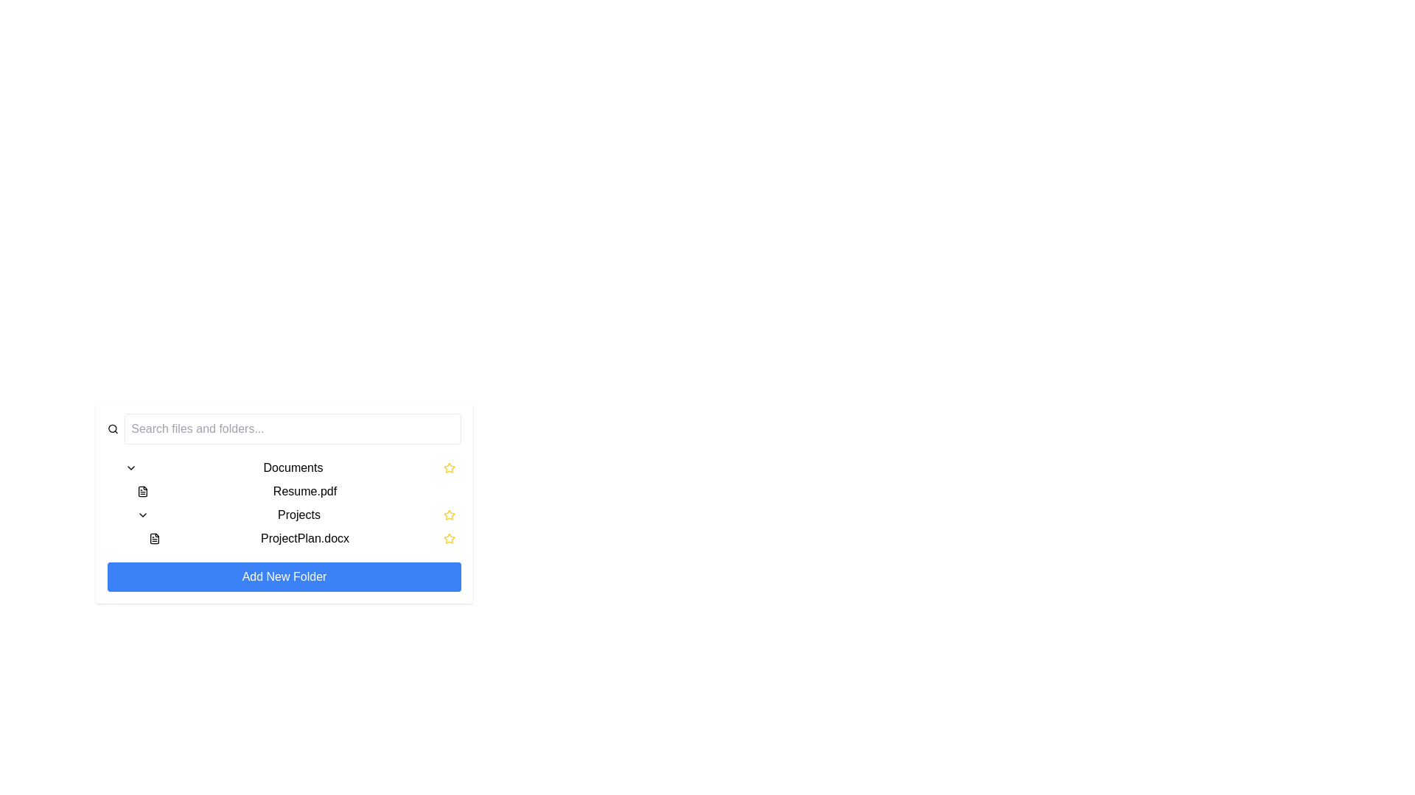 This screenshot has height=795, width=1415. I want to click on the 'Add New Folder' button located at the bottom of the panel that contains a list of documents and folders, which is centrally aligned within the panel, so click(284, 576).